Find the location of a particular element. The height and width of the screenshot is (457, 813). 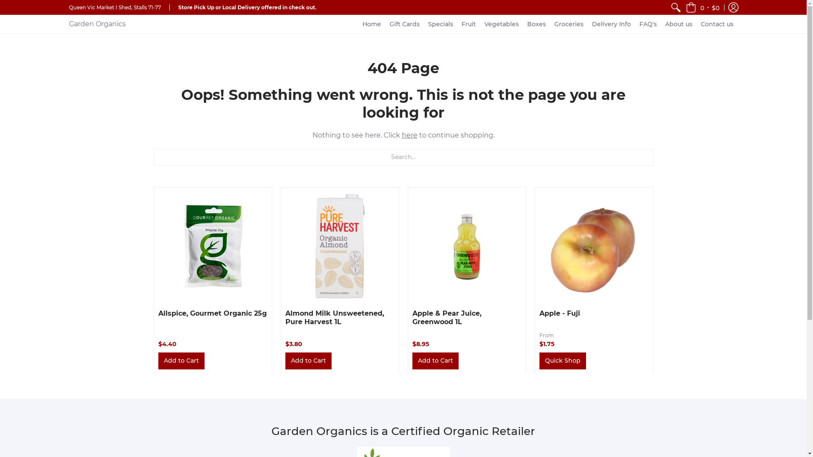

'Specials' is located at coordinates (424, 24).